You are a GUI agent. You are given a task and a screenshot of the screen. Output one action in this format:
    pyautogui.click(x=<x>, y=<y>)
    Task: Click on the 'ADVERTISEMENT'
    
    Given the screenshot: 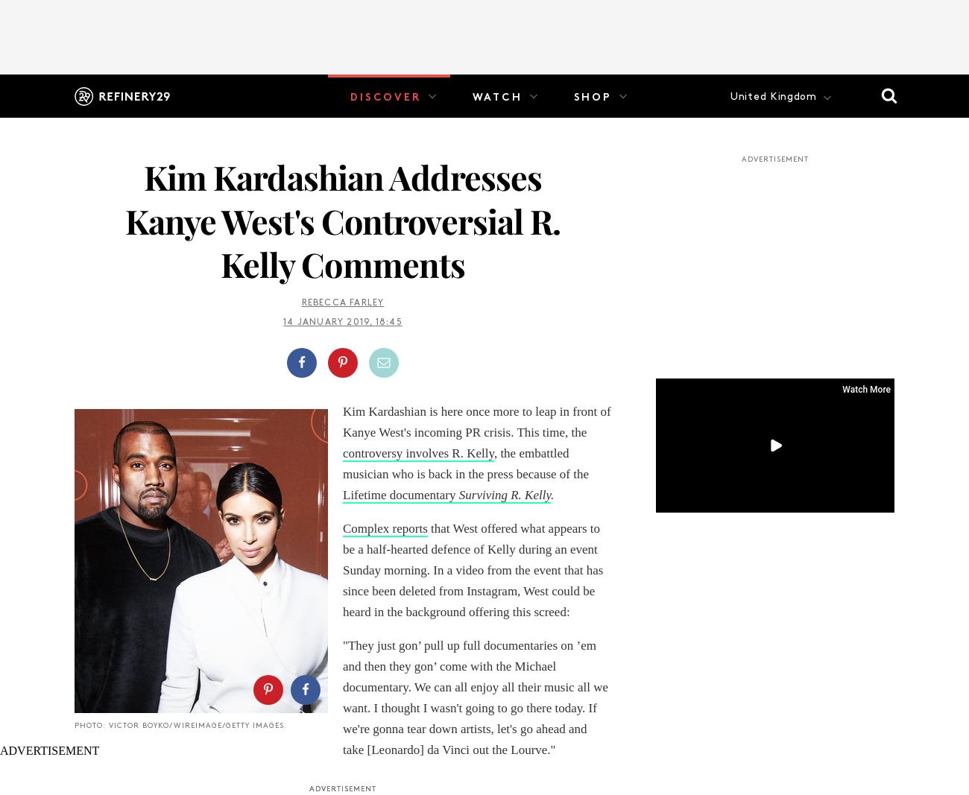 What is the action you would take?
    pyautogui.click(x=775, y=159)
    